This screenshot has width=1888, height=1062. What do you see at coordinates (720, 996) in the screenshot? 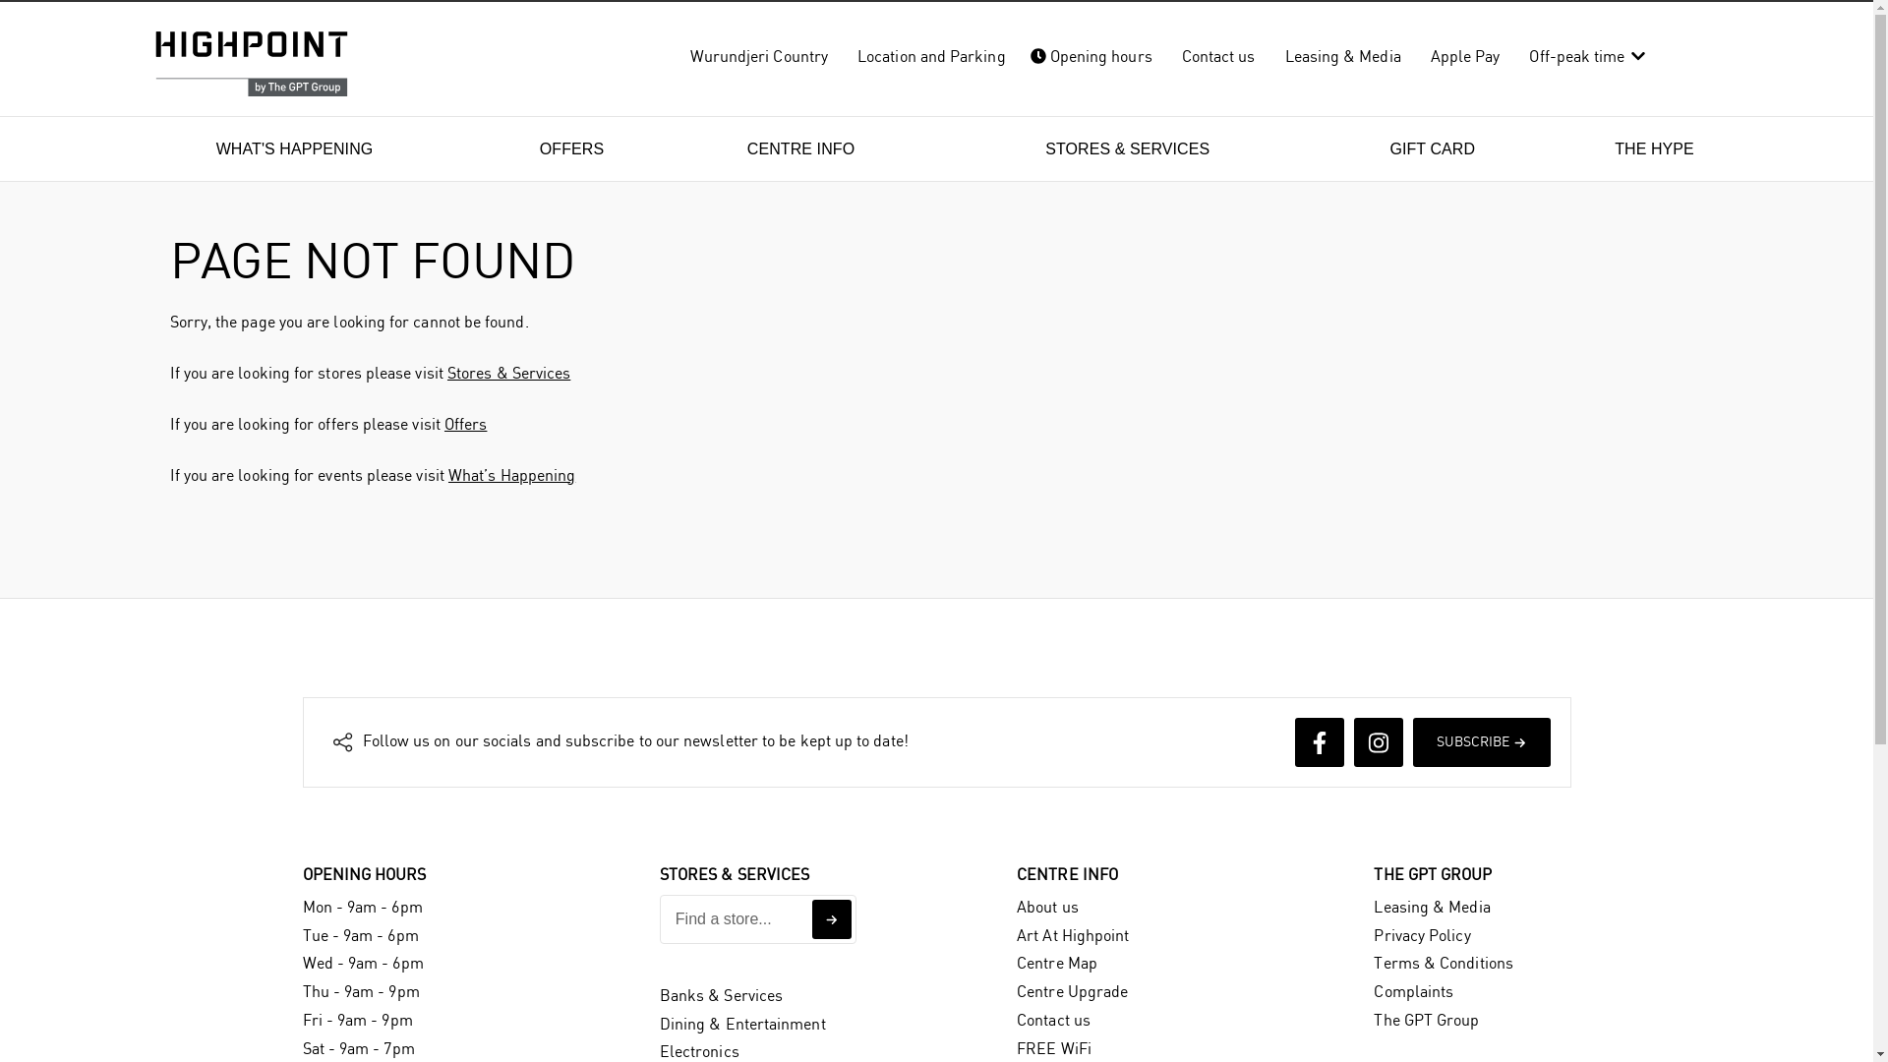
I see `'Banks & Services'` at bounding box center [720, 996].